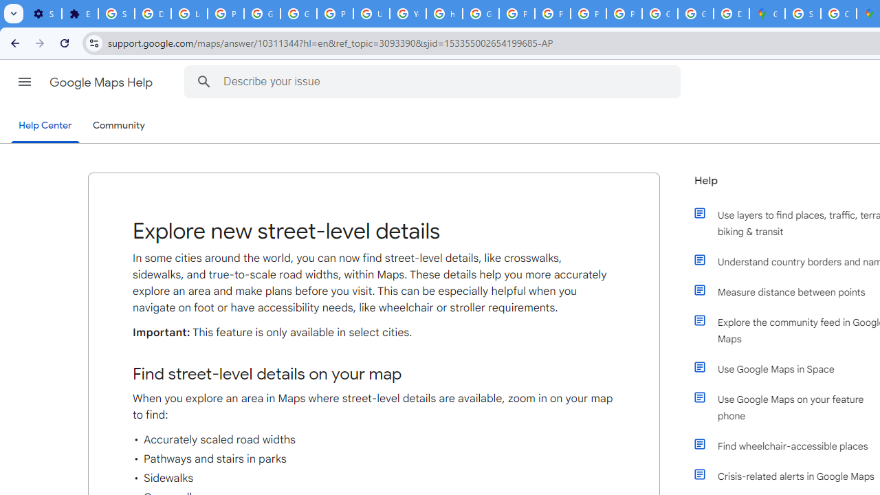 This screenshot has height=495, width=880. Describe the element at coordinates (153, 14) in the screenshot. I see `'Delete photos & videos - Computer - Google Photos Help'` at that location.